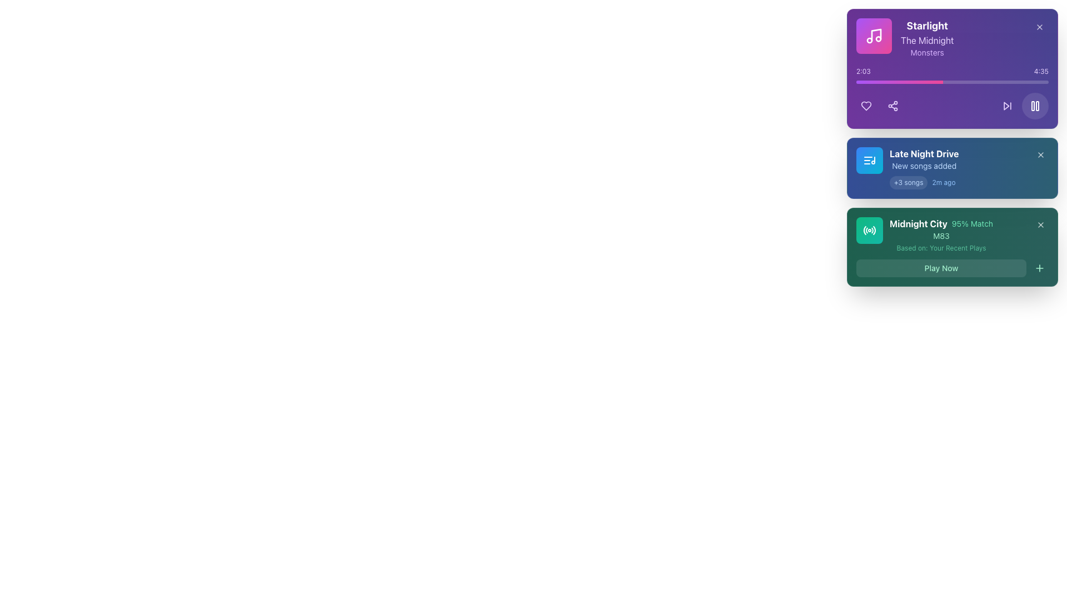  Describe the element at coordinates (1040, 71) in the screenshot. I see `the text label representing the total duration of the audio file or video within the 'Starlight' card, located` at that location.